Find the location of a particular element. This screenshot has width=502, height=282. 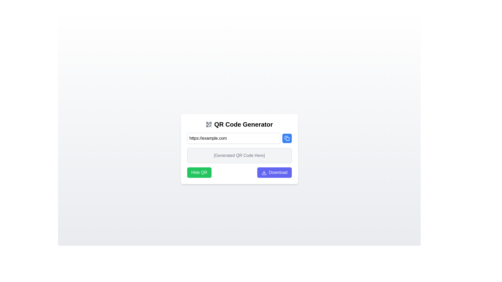

the QR Code generation icon located to the left of the header text 'QR Code Generator' in the header section of the card layout is located at coordinates (209, 125).